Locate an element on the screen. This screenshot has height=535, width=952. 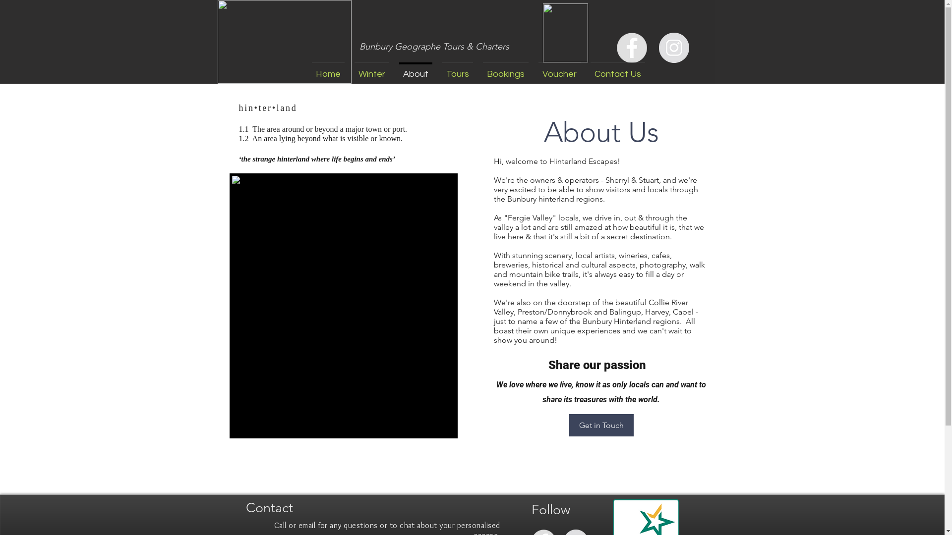
'Tours' is located at coordinates (457, 69).